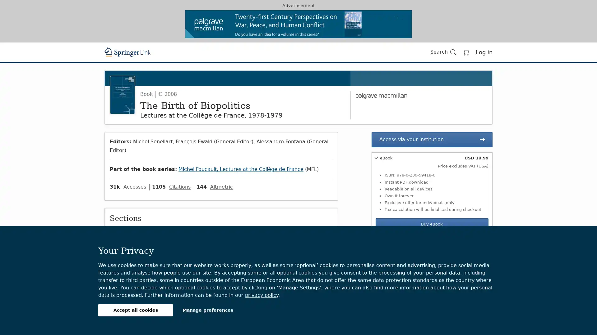 The image size is (597, 335). I want to click on Manage preferences, so click(208, 310).